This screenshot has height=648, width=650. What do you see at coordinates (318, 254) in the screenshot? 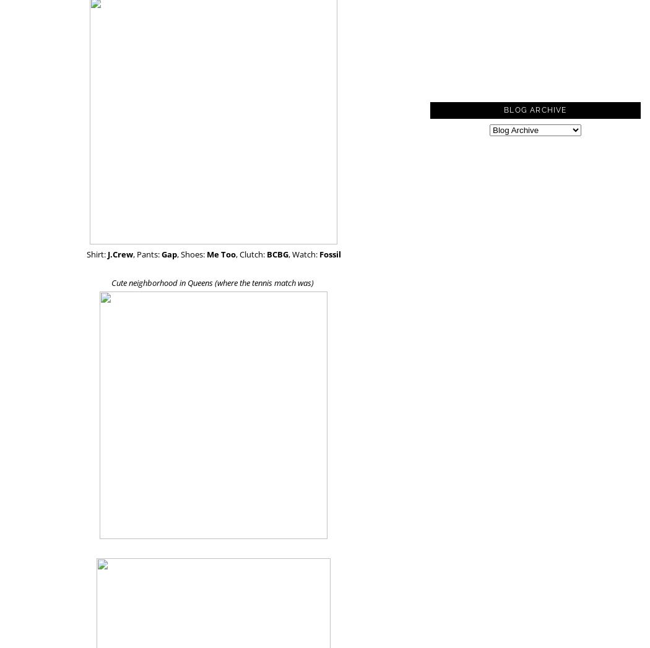
I see `'Fossil'` at bounding box center [318, 254].